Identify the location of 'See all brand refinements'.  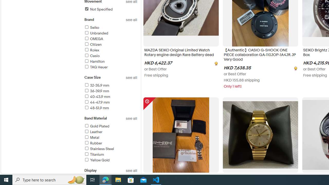
(131, 20).